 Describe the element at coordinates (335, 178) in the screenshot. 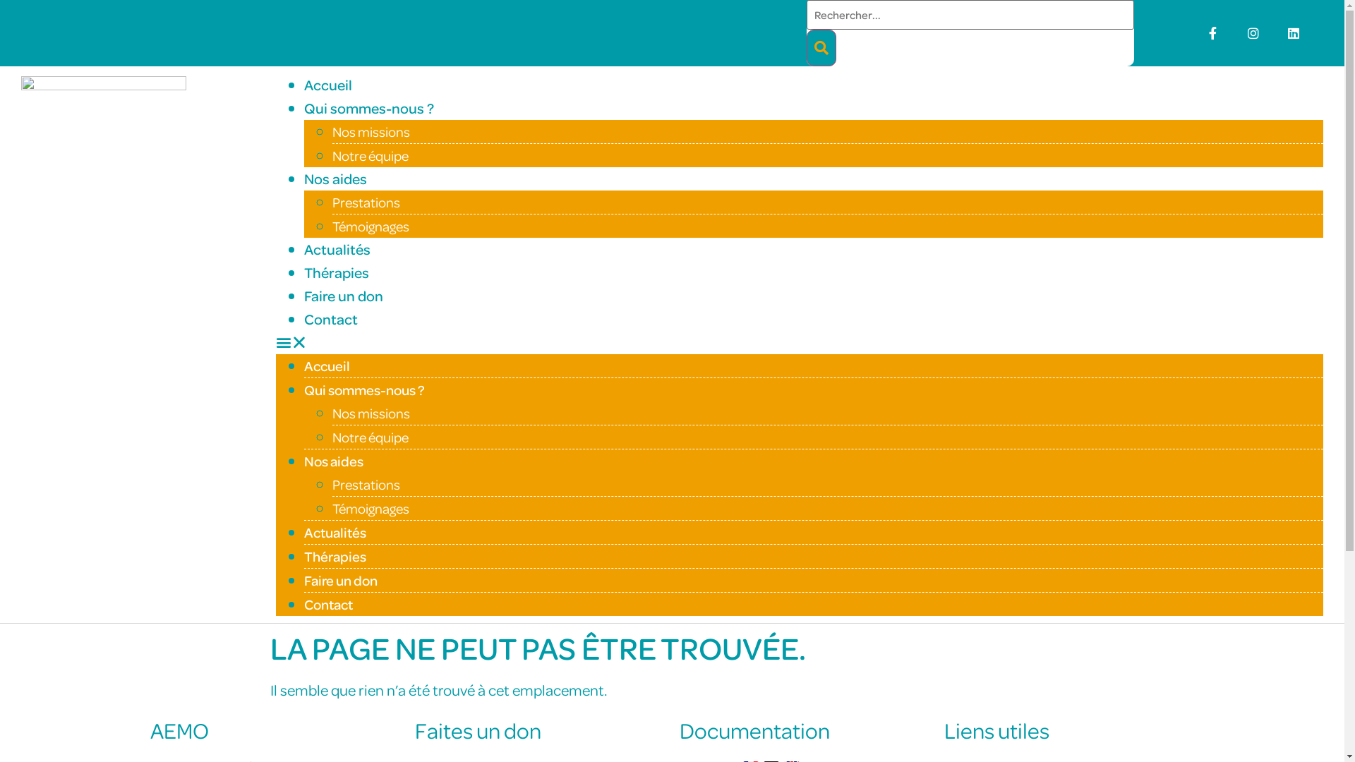

I see `'Nos aides'` at that location.